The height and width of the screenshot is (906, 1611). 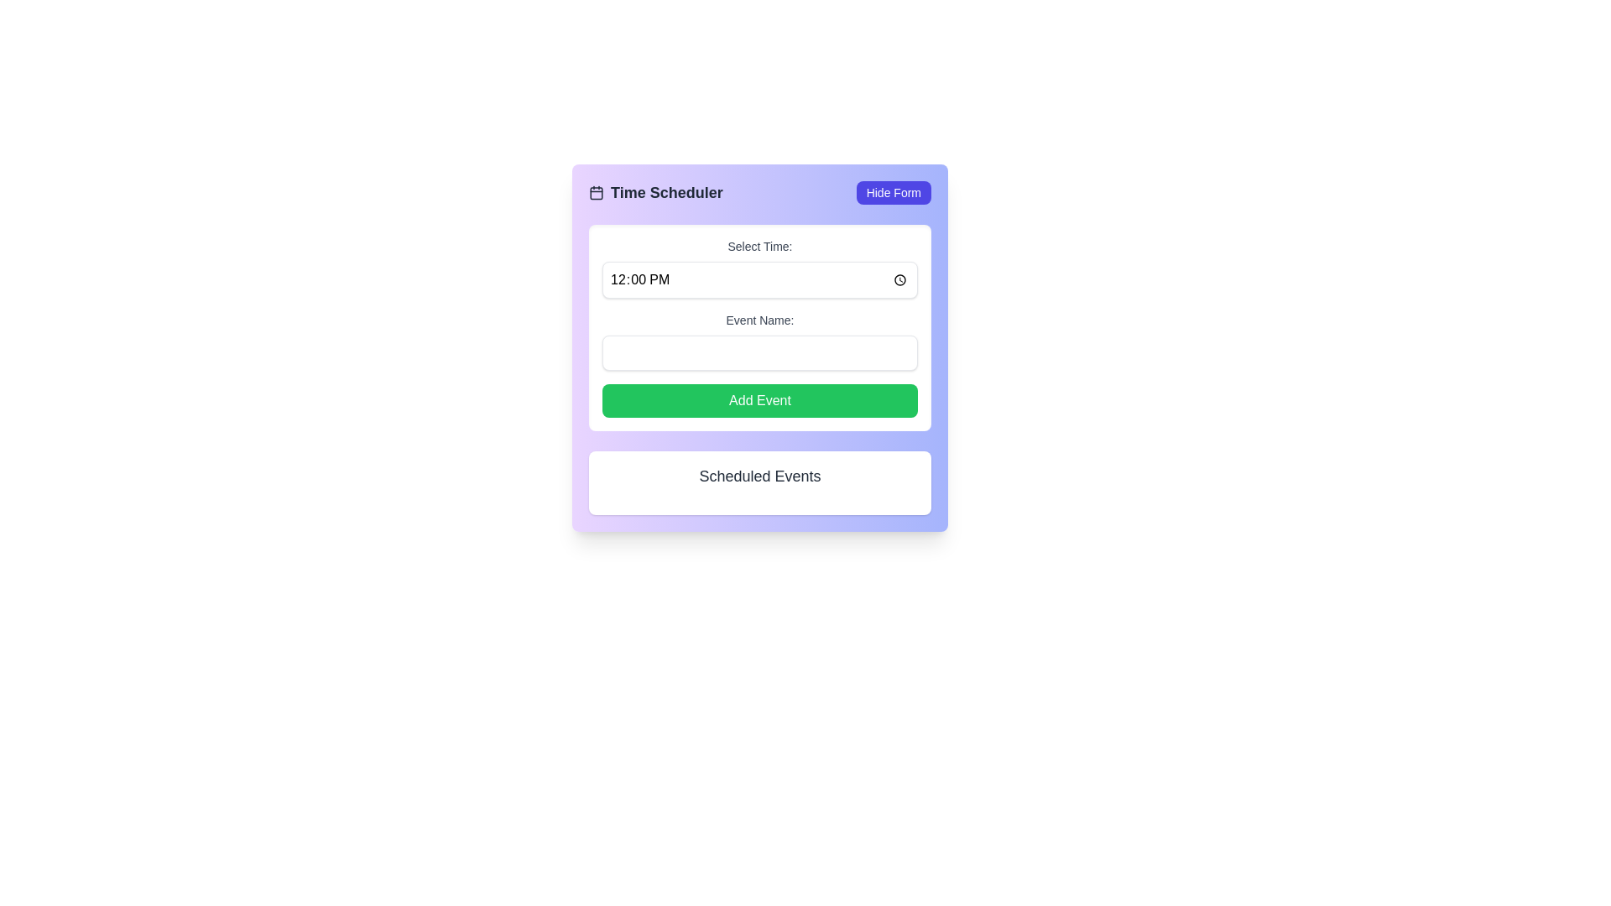 I want to click on the static text label displaying 'Event Name:' which is positioned above the input field for event names, so click(x=759, y=320).